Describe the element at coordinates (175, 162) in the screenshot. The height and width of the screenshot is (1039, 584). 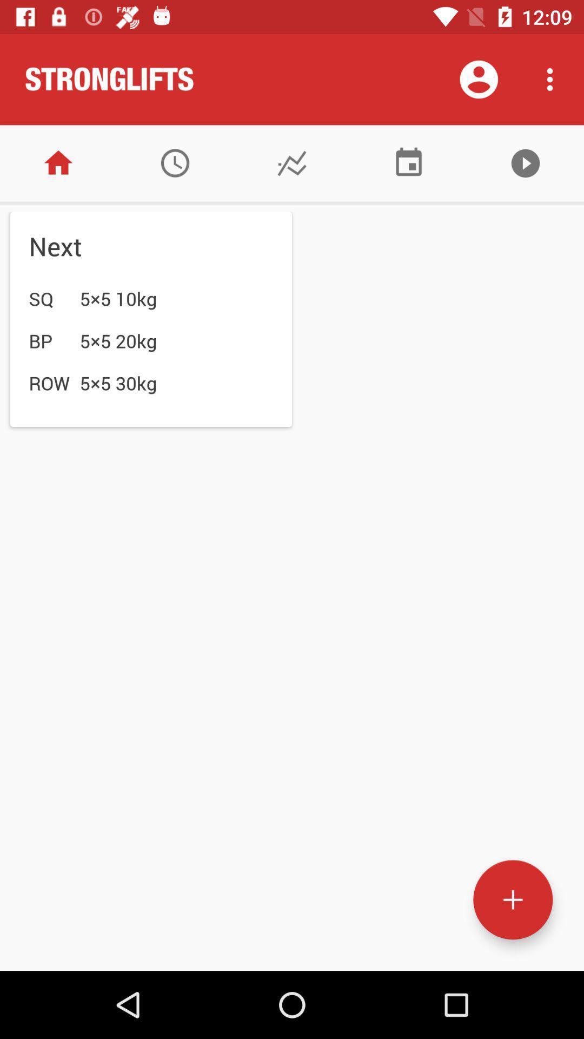
I see `time maintenance button` at that location.